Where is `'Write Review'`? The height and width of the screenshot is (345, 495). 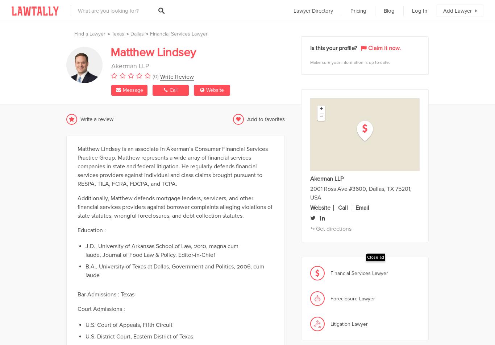 'Write Review' is located at coordinates (177, 77).